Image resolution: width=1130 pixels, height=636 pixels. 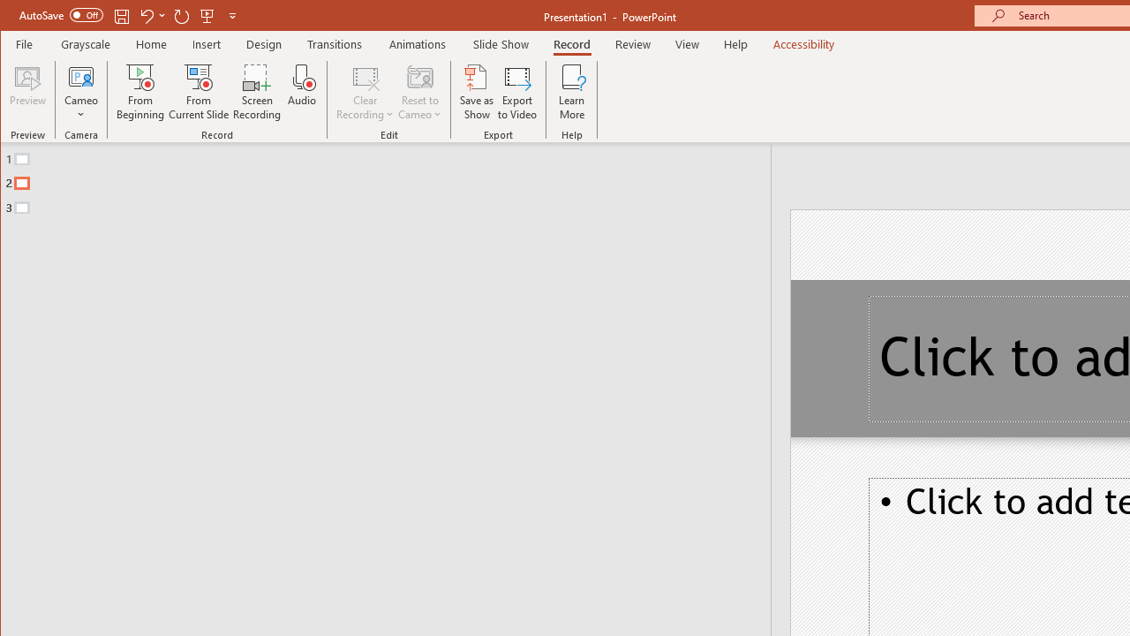 What do you see at coordinates (199, 92) in the screenshot?
I see `'From Current Slide...'` at bounding box center [199, 92].